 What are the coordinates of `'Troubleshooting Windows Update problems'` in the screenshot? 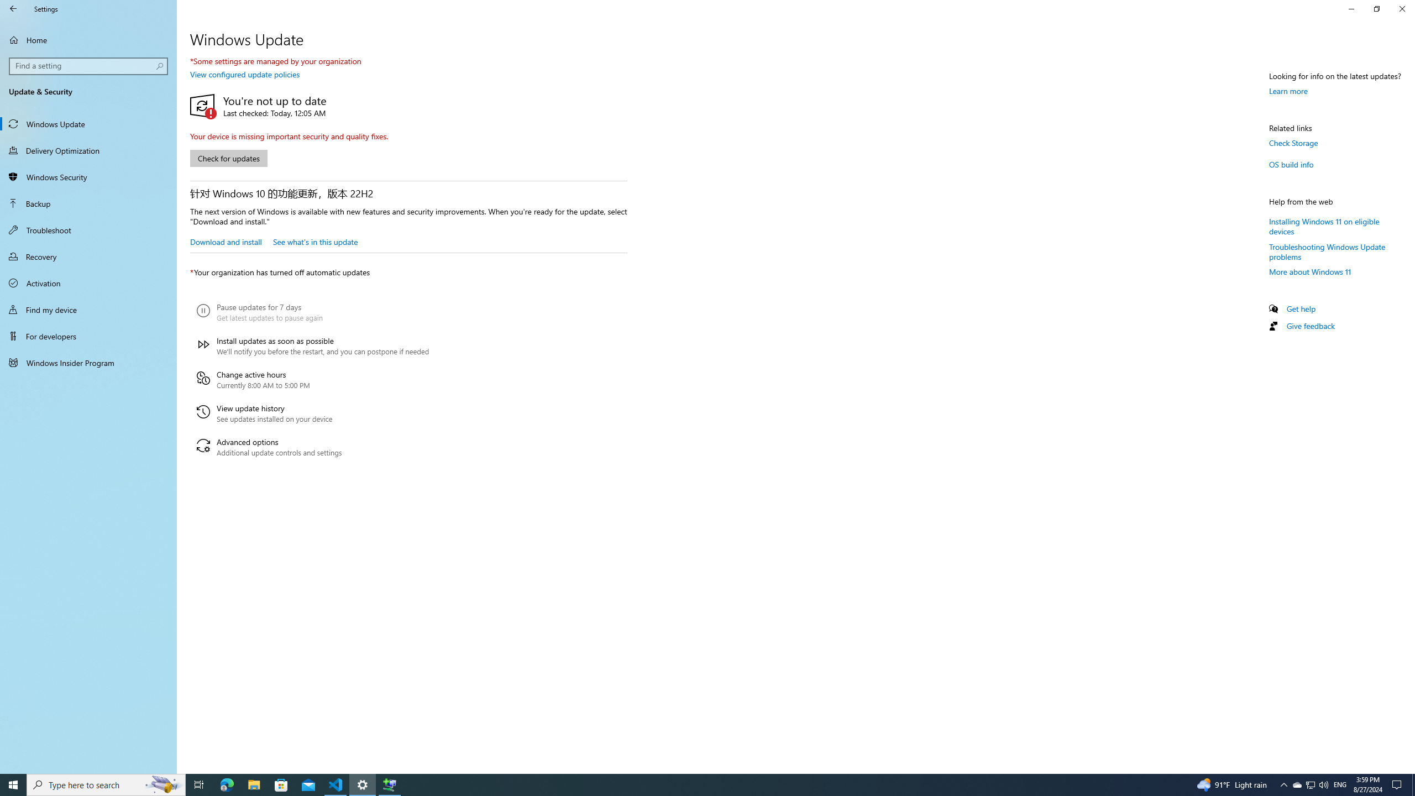 It's located at (1327, 252).